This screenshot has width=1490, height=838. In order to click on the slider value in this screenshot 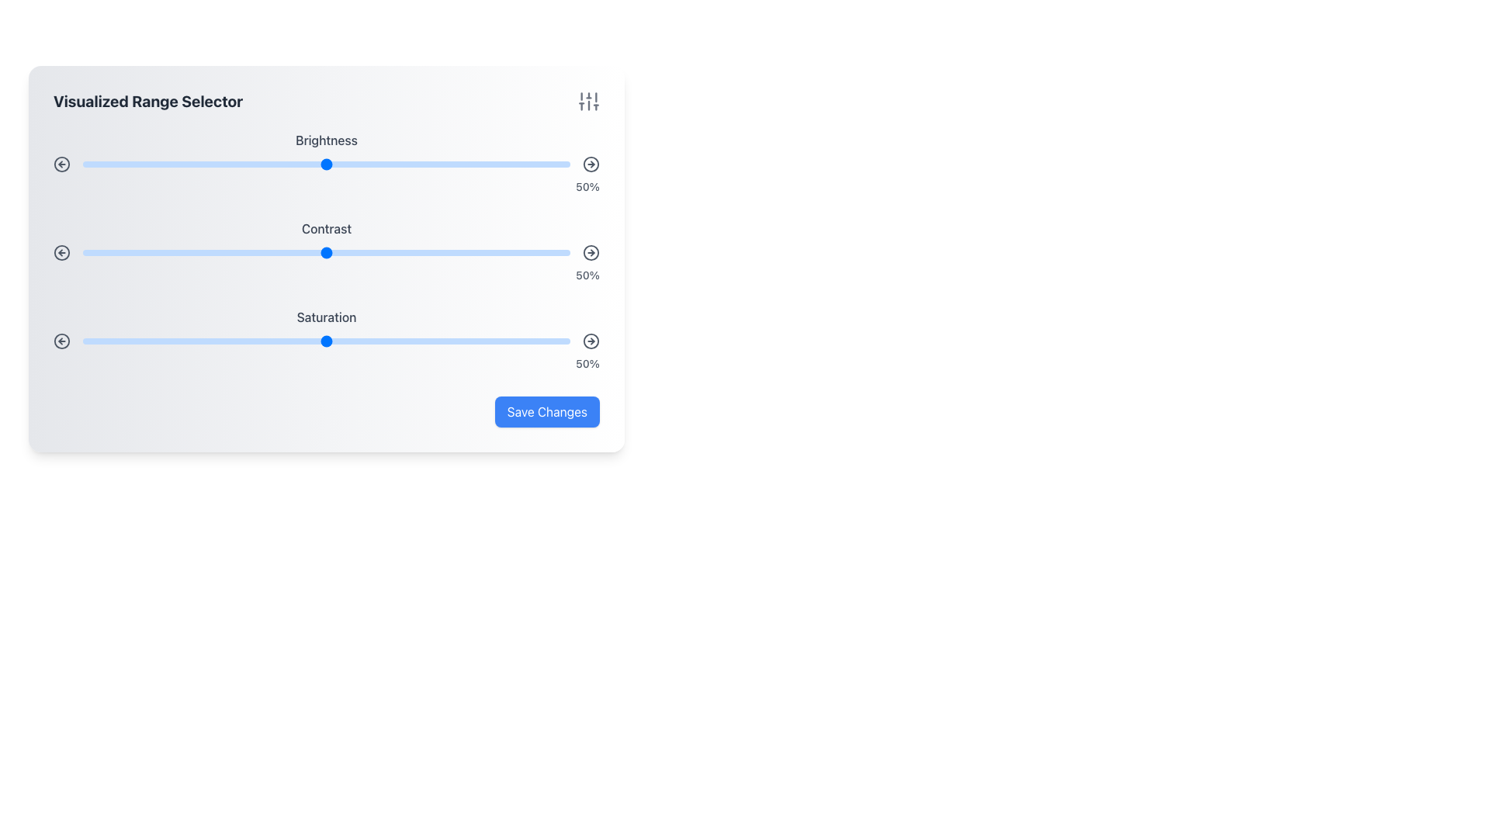, I will do `click(424, 340)`.